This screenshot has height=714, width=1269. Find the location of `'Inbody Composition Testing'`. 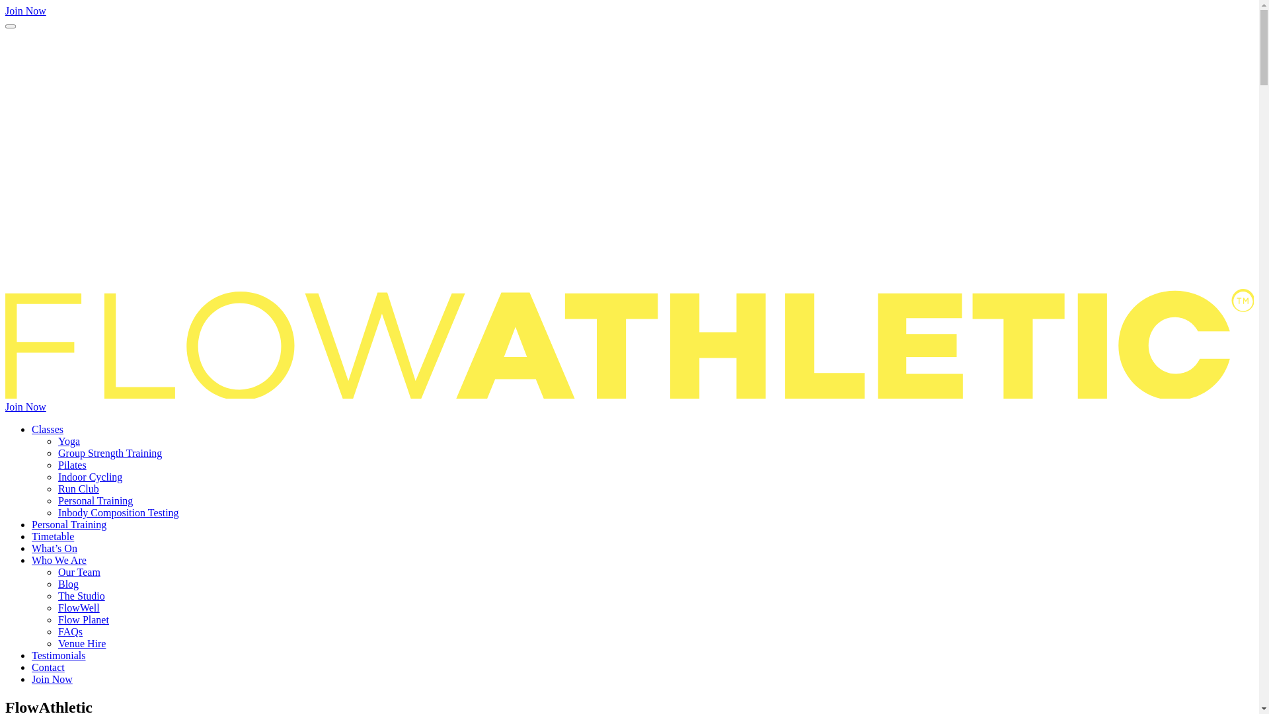

'Inbody Composition Testing' is located at coordinates (118, 512).